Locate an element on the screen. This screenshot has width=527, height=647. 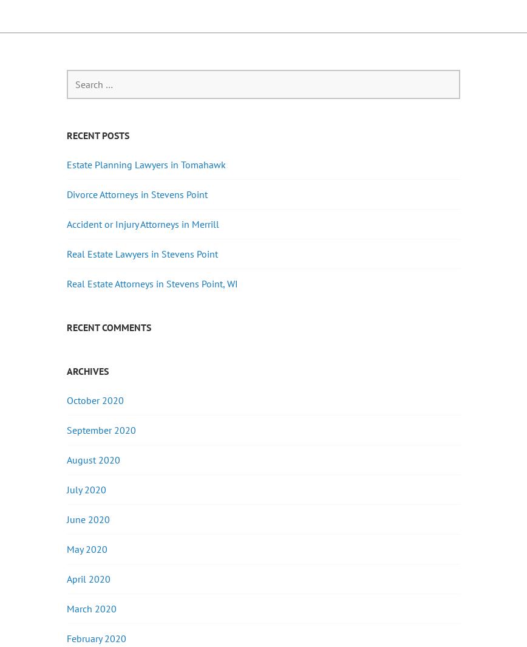
'March 2020' is located at coordinates (66, 608).